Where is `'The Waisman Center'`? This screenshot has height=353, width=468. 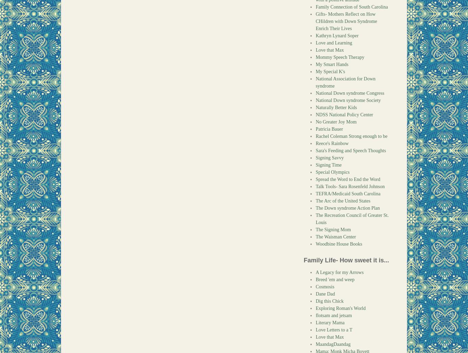 'The Waisman Center' is located at coordinates (335, 236).